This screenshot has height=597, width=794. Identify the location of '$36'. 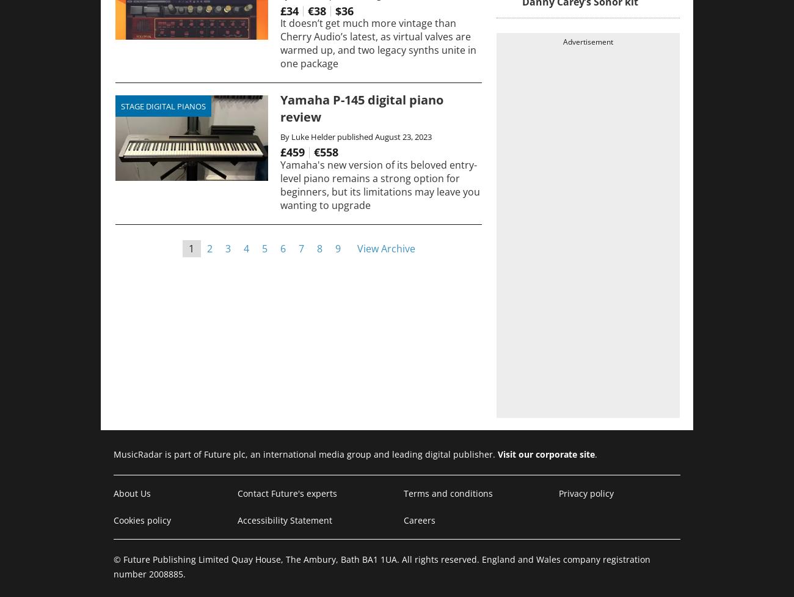
(343, 10).